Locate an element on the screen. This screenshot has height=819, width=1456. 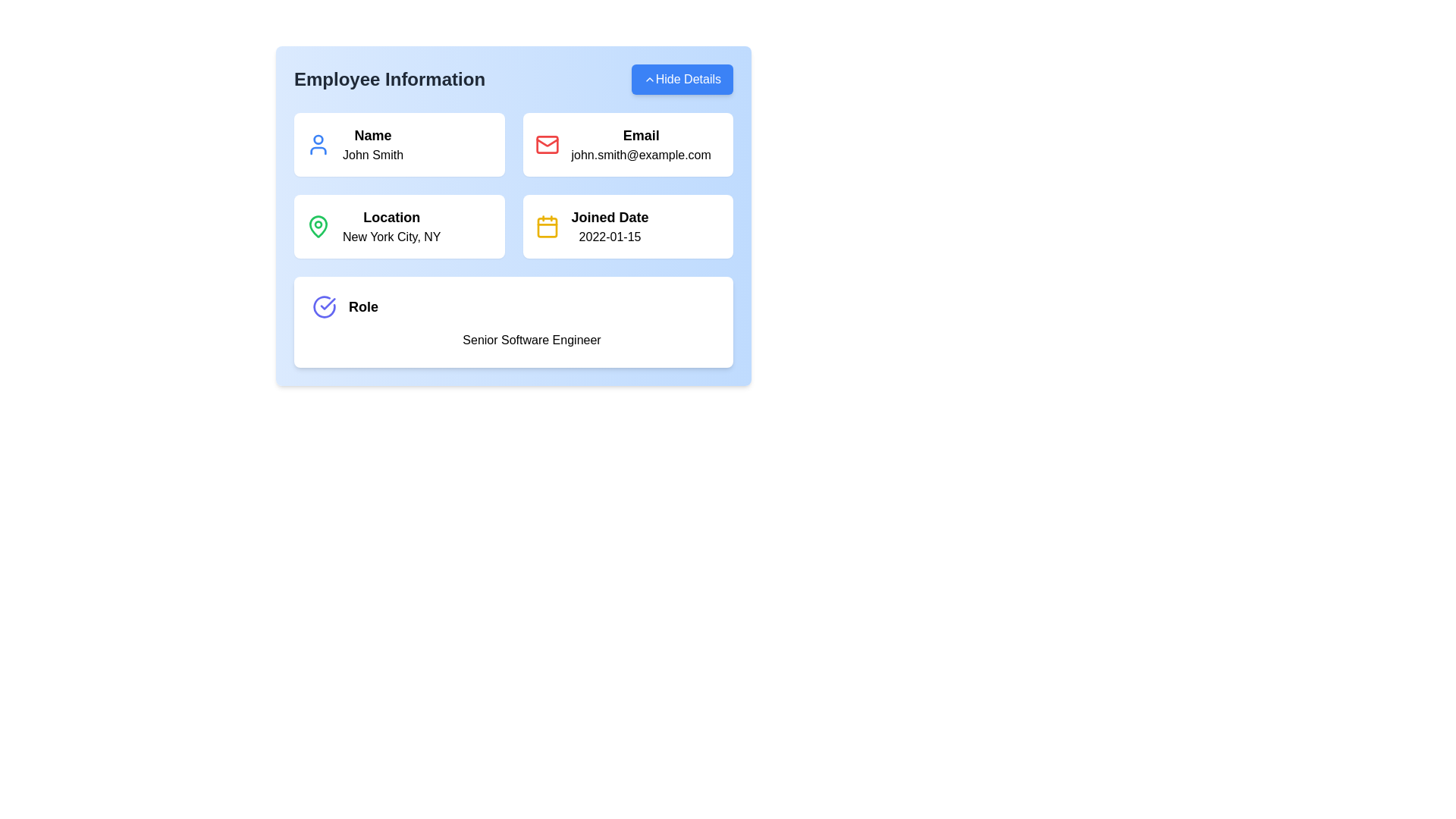
the 'Location' label, which is styled in bold and larger font, located in the 'Employee Information' panel above 'New York City, NY' is located at coordinates (391, 217).